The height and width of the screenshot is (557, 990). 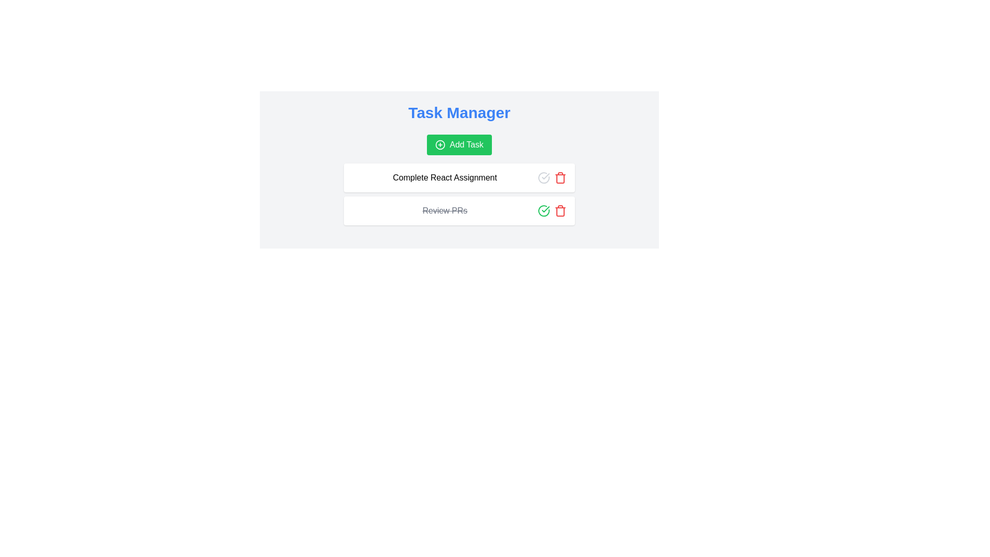 I want to click on the circular icon component (SVG circle element) located in the center of the 'Add Task' button, which is situated below the 'Task Manager' heading, so click(x=440, y=145).